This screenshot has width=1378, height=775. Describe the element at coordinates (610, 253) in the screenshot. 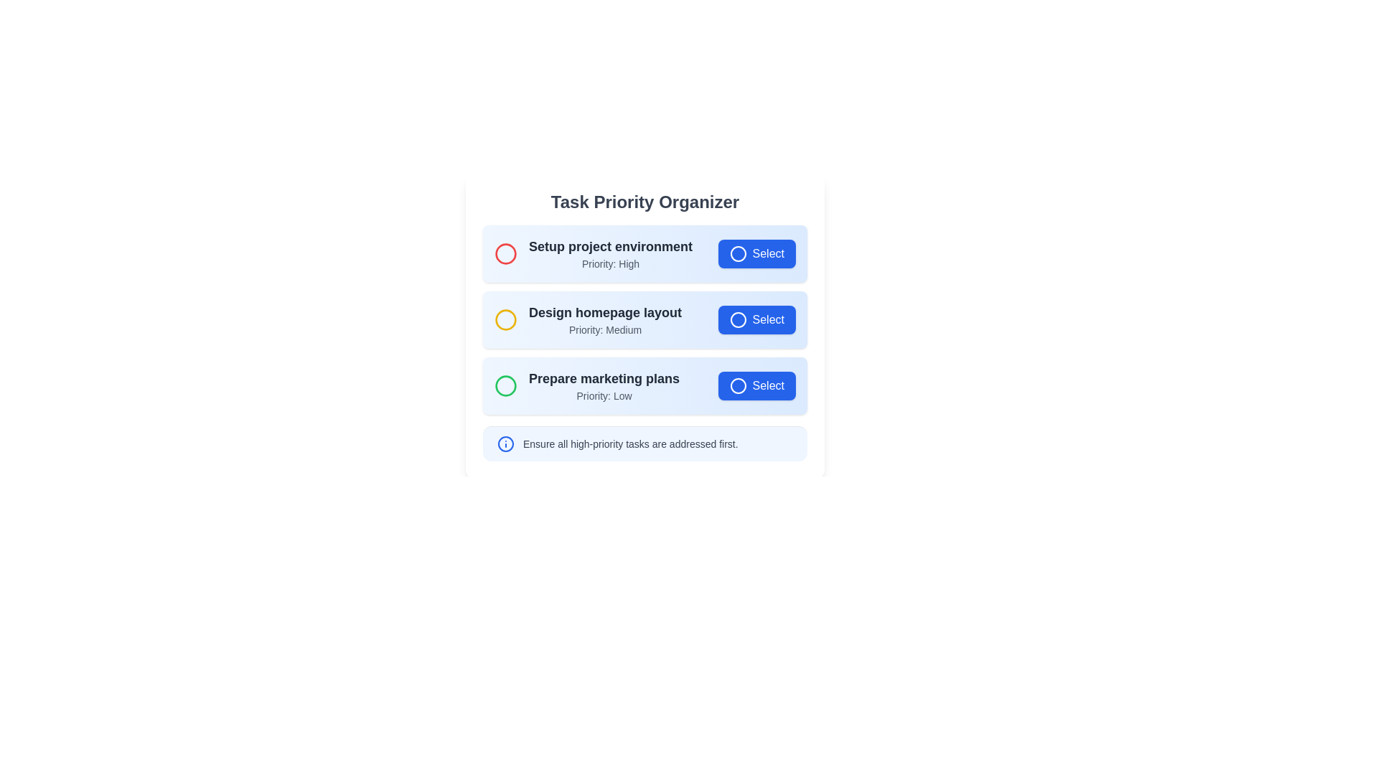

I see `the text label that contains the title 'Setup project environment' and the subtitle 'Priority: High', which is located in the top task entry of a list` at that location.